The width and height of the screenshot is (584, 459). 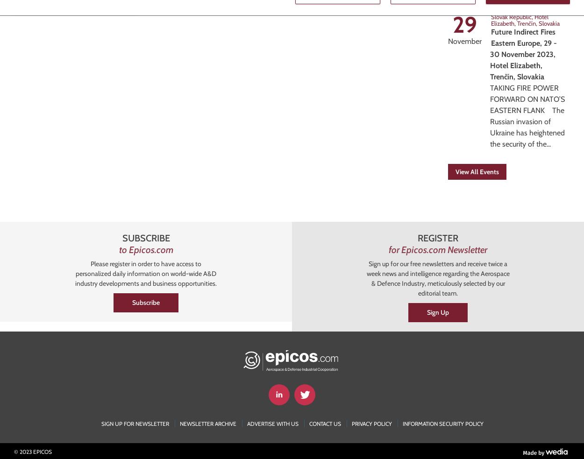 I want to click on 'to Epicos.com', so click(x=146, y=250).